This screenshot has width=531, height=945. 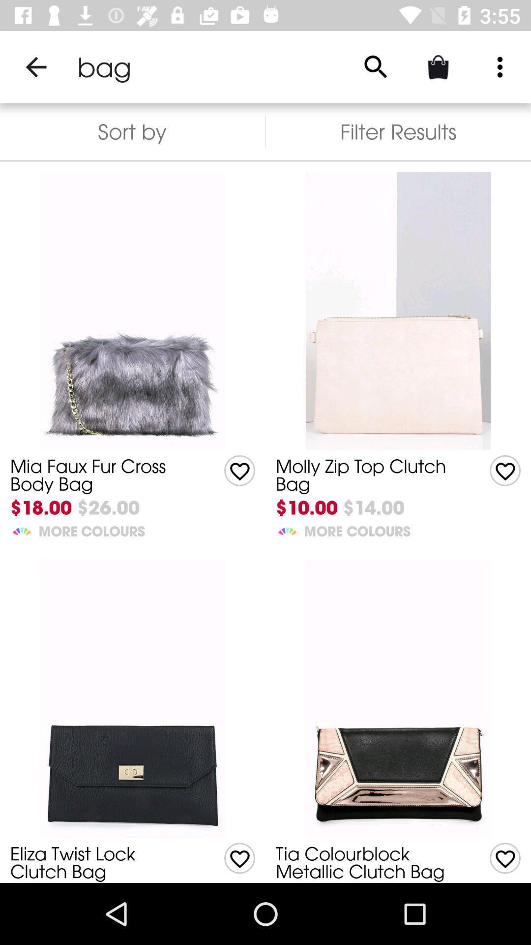 What do you see at coordinates (22, 529) in the screenshot?
I see `the item below $18.00 item` at bounding box center [22, 529].